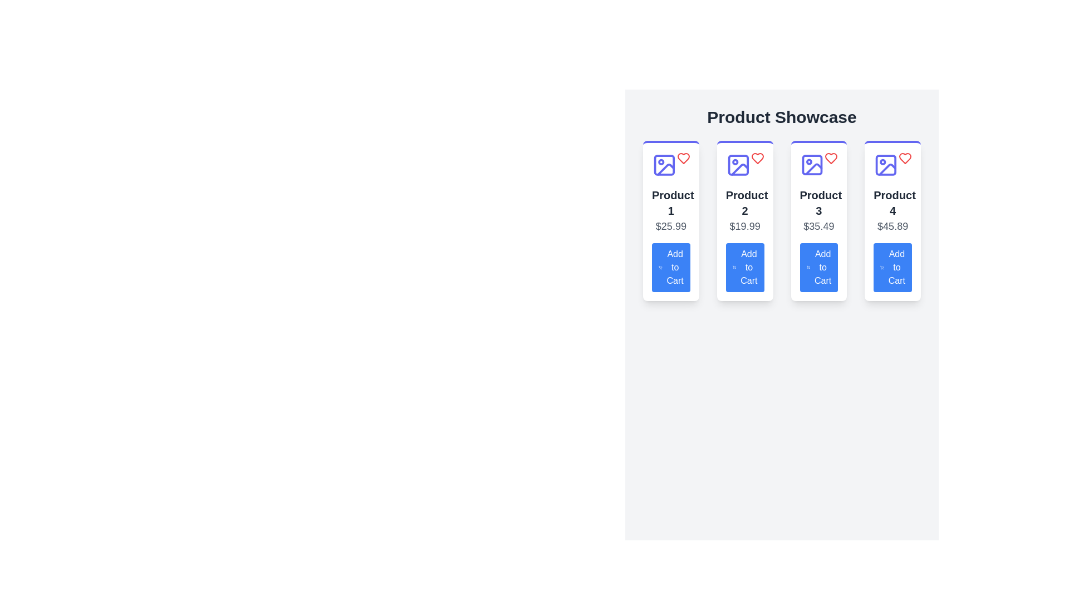  I want to click on the button located at the bottom of the product tile, so click(893, 268).